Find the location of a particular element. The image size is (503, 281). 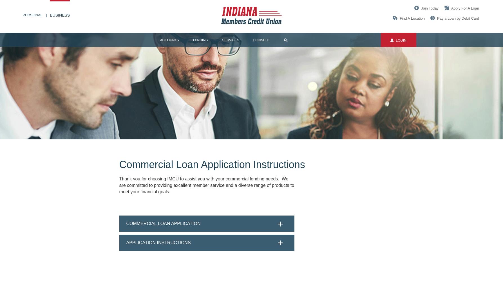

'Find' is located at coordinates (403, 18).